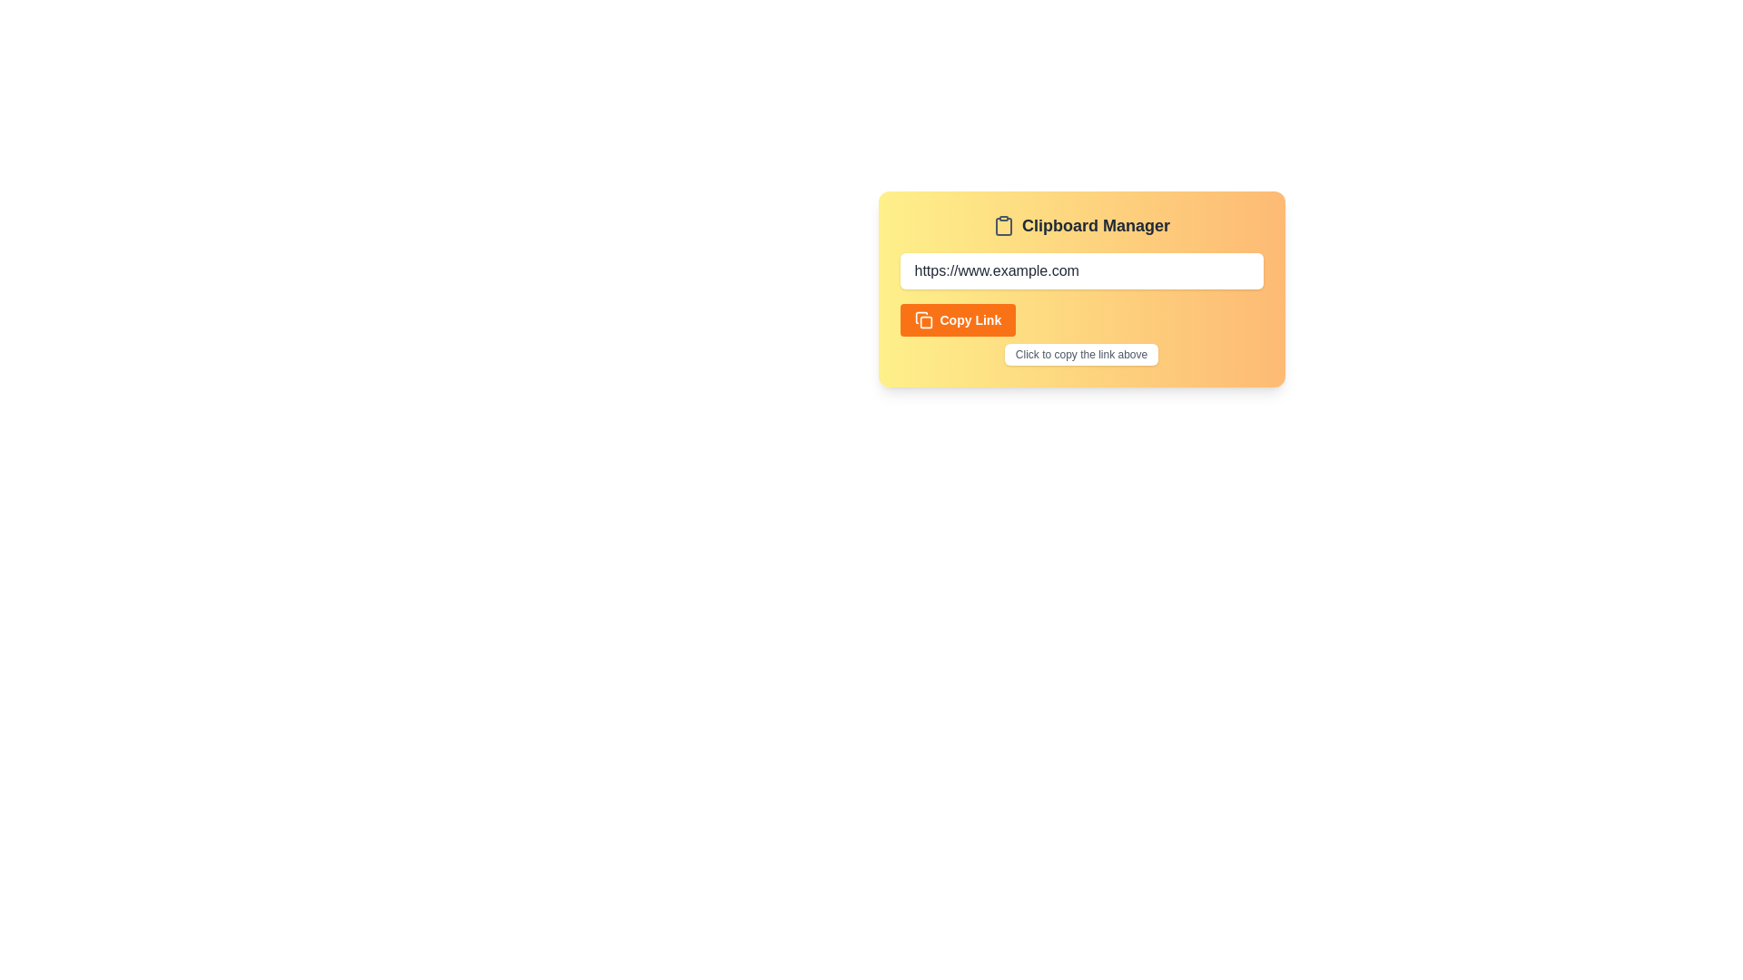 This screenshot has height=980, width=1743. What do you see at coordinates (1081, 354) in the screenshot?
I see `the informative text element that displays 'Click to copy the link above'` at bounding box center [1081, 354].